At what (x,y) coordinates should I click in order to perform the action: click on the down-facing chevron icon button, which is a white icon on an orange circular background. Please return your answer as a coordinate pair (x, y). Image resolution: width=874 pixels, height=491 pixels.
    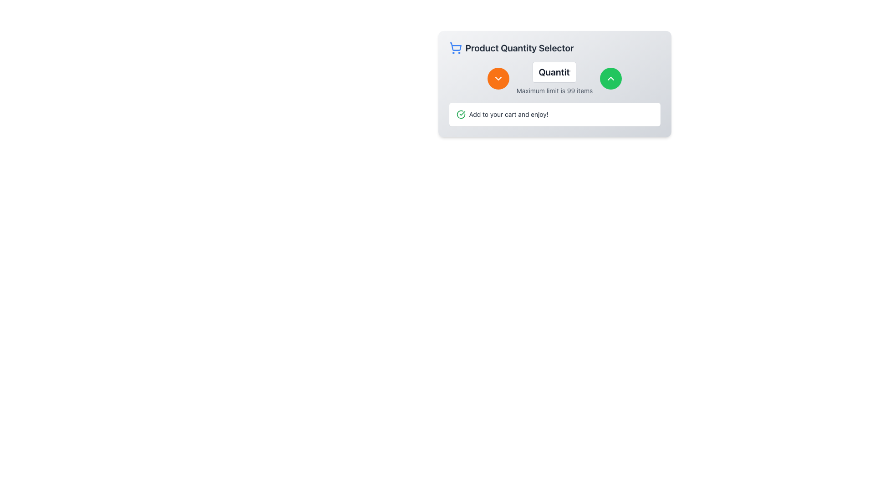
    Looking at the image, I should click on (498, 78).